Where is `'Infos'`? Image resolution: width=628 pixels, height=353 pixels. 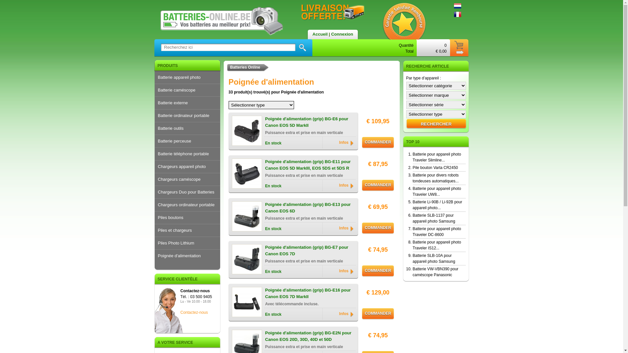
'Infos' is located at coordinates (345, 142).